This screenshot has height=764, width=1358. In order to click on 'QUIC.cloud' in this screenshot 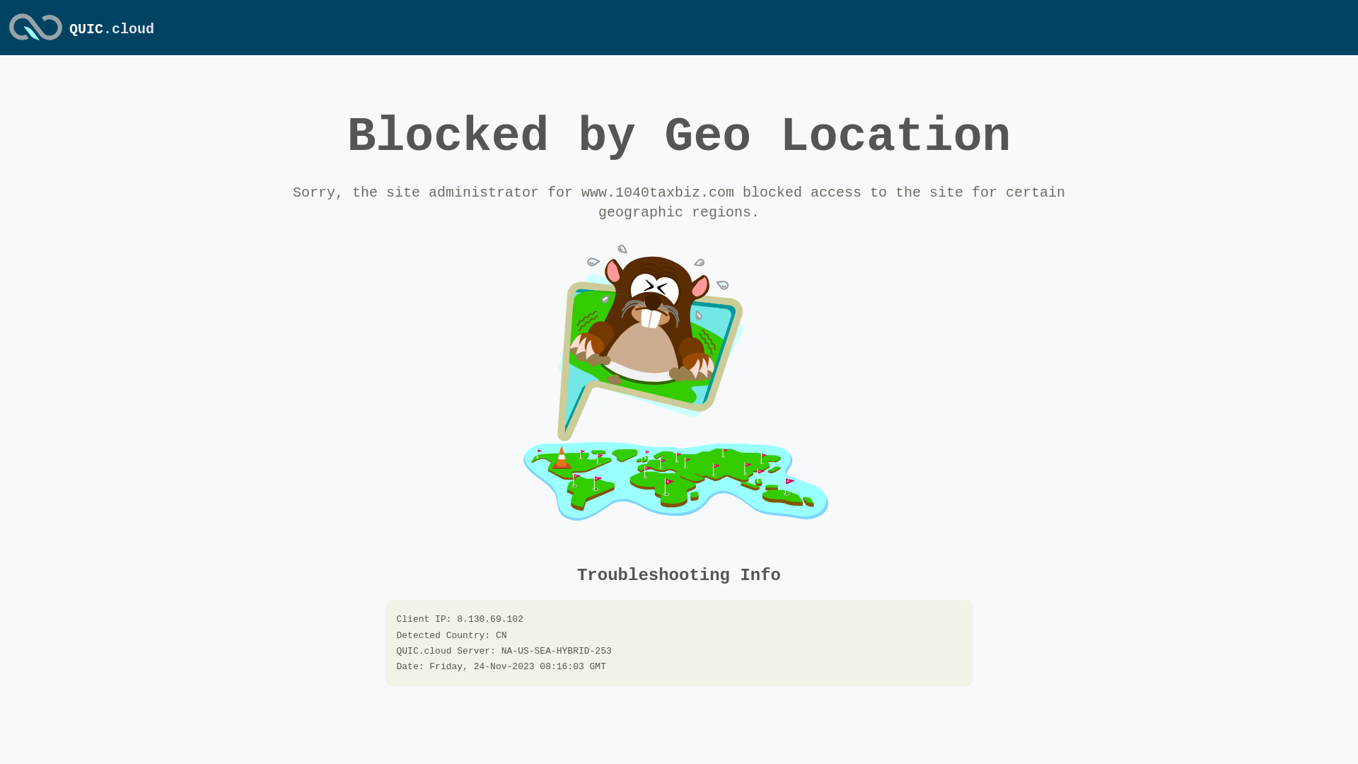, I will do `click(35, 40)`.